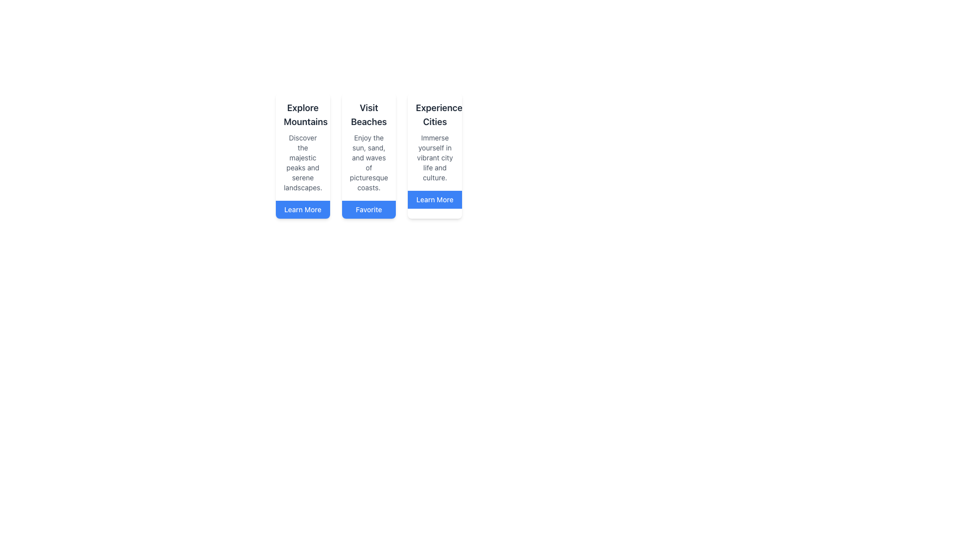 Image resolution: width=956 pixels, height=538 pixels. I want to click on the Informational Text Block that provides descriptive information about exploring mountains, located in the upper section of the first card in a set of three cards, so click(302, 146).